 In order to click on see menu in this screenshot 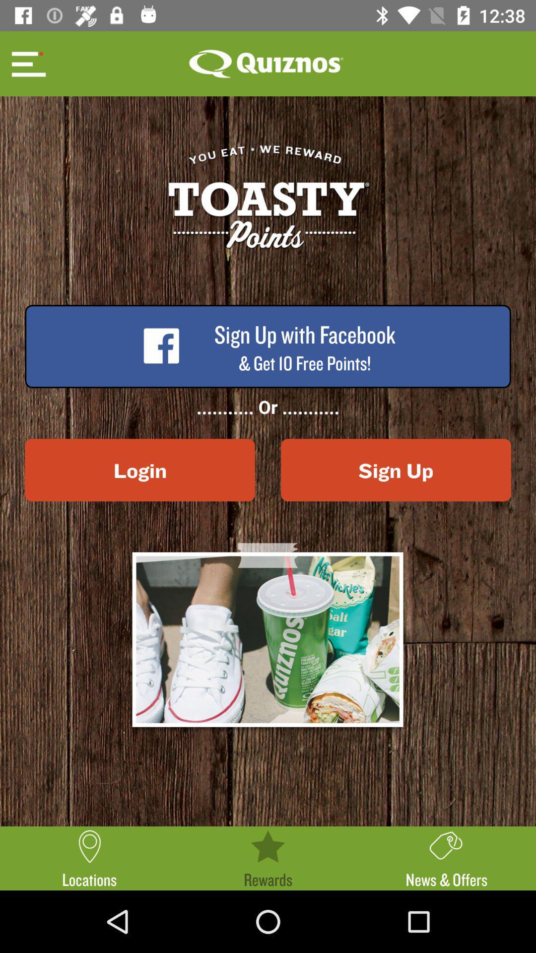, I will do `click(27, 63)`.